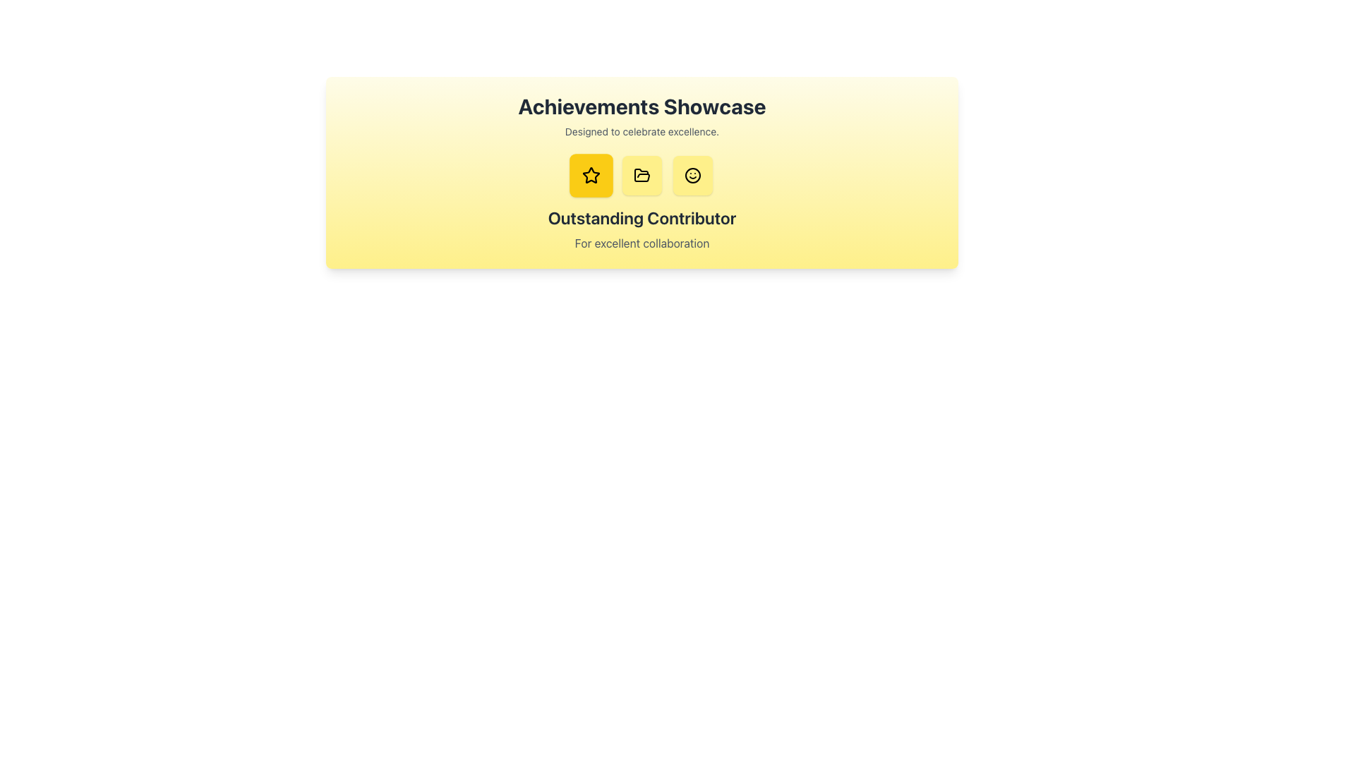  What do you see at coordinates (642, 175) in the screenshot?
I see `the second button in a horizontal row of three buttons, which represents a folder or directory-related action` at bounding box center [642, 175].